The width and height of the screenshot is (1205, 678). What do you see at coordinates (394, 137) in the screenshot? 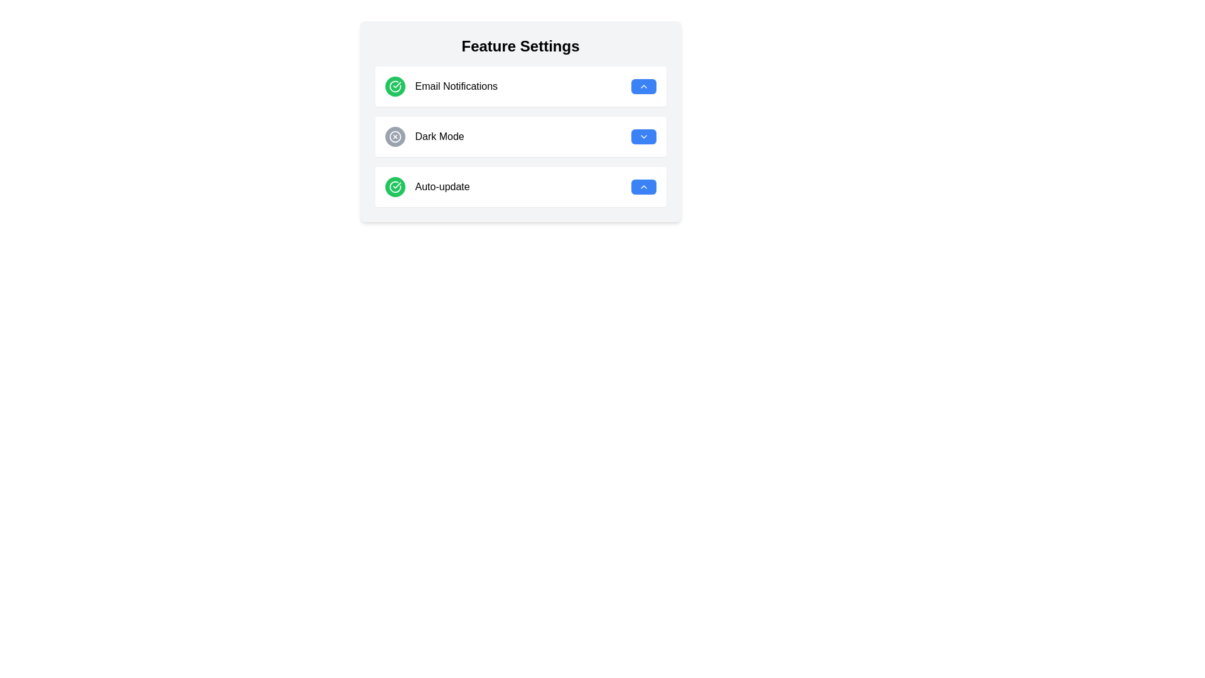
I see `the interactive button for the 'Dark Mode' feature, located to the left of the text 'Dark Mode'` at bounding box center [394, 137].